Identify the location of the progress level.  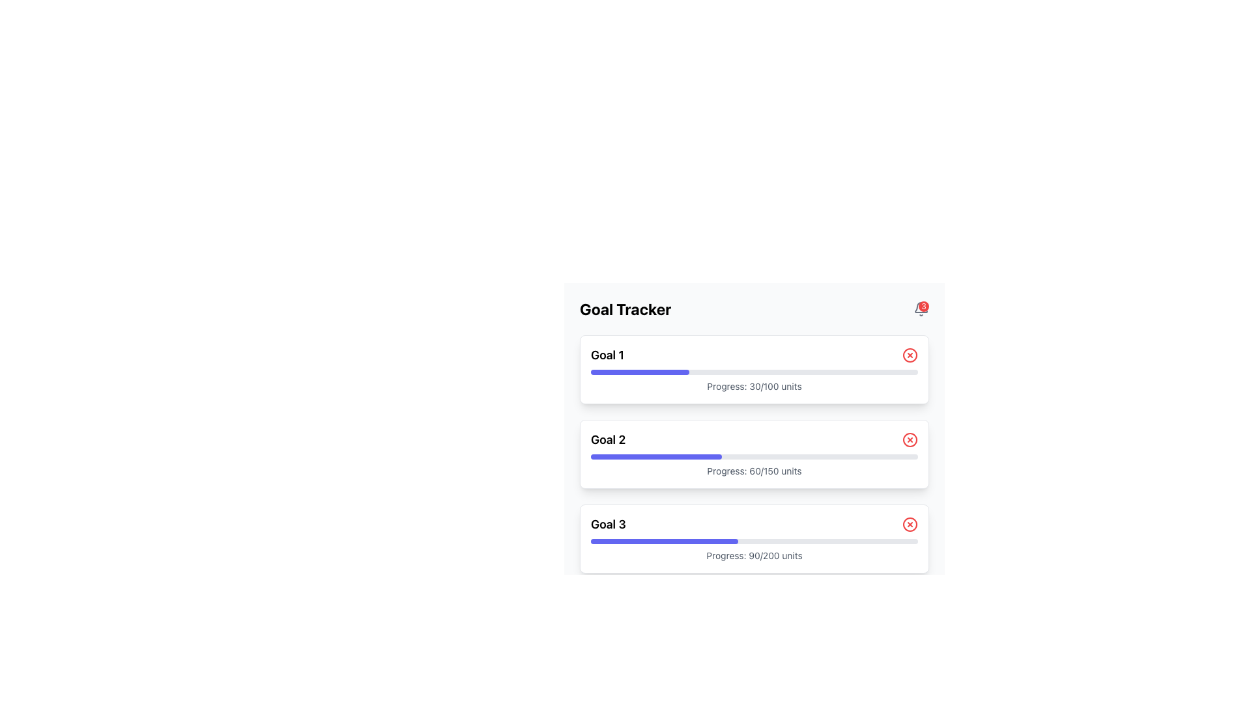
(605, 456).